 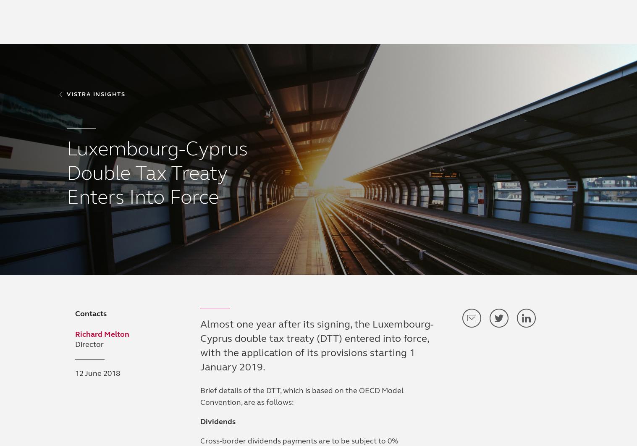 What do you see at coordinates (423, 251) in the screenshot?
I see `'Here's one great way to lower your international expansion risks'` at bounding box center [423, 251].